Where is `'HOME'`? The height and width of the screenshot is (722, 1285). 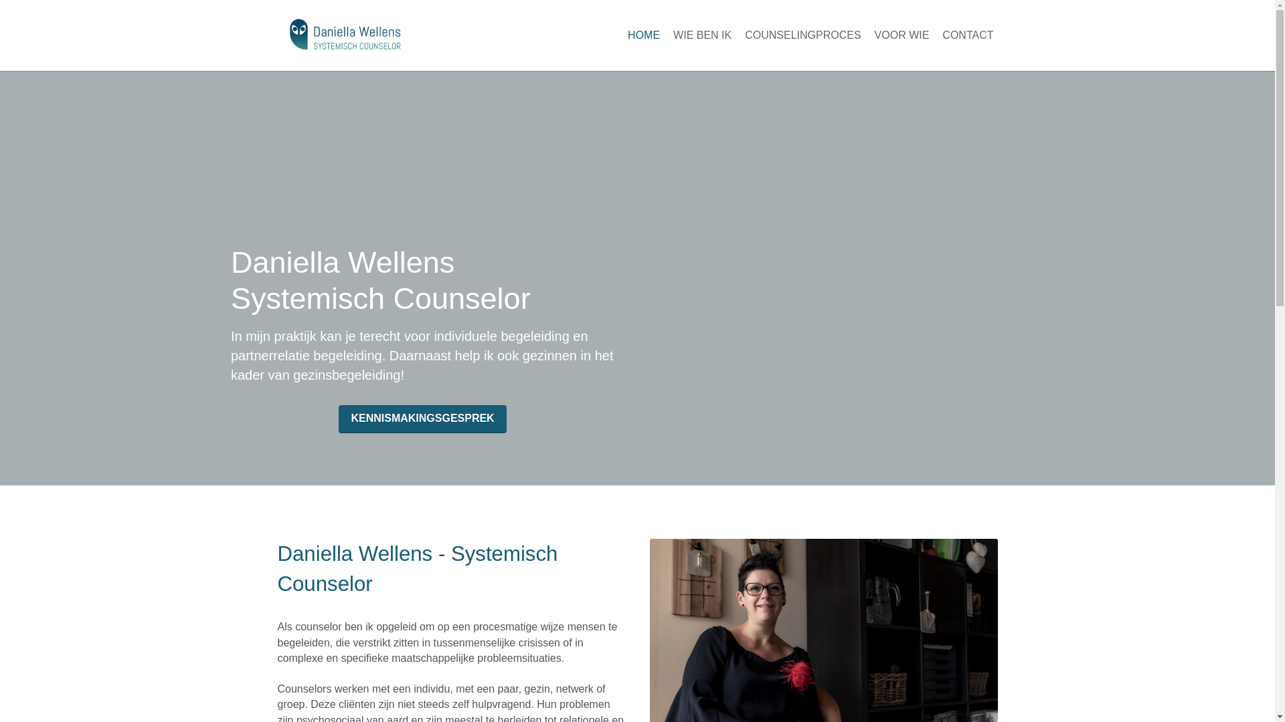
'HOME' is located at coordinates (643, 35).